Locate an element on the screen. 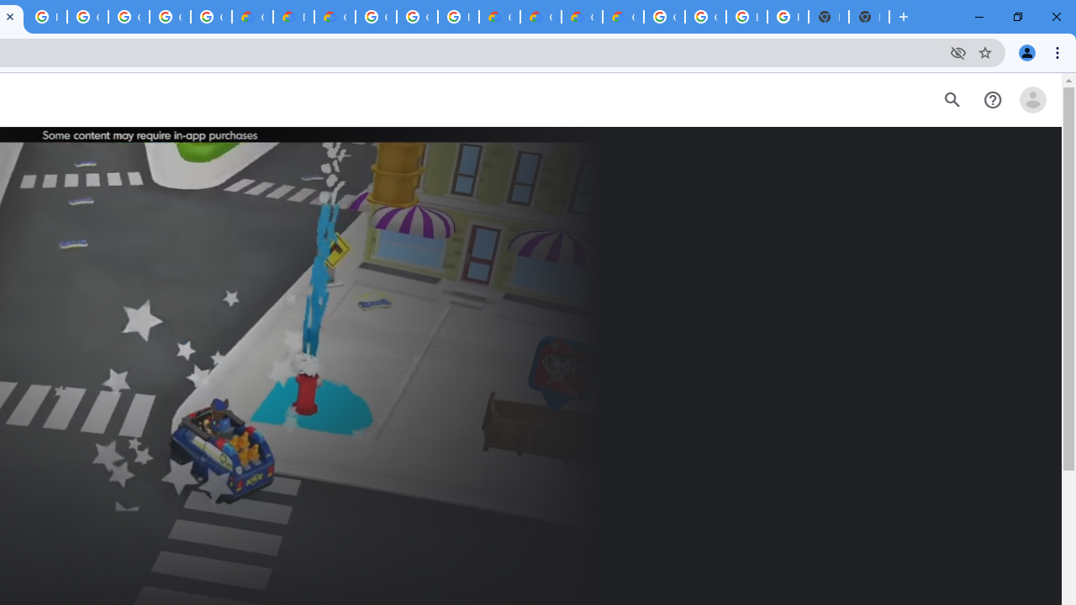 The image size is (1076, 605). 'Google Cloud Platform' is located at coordinates (417, 17).